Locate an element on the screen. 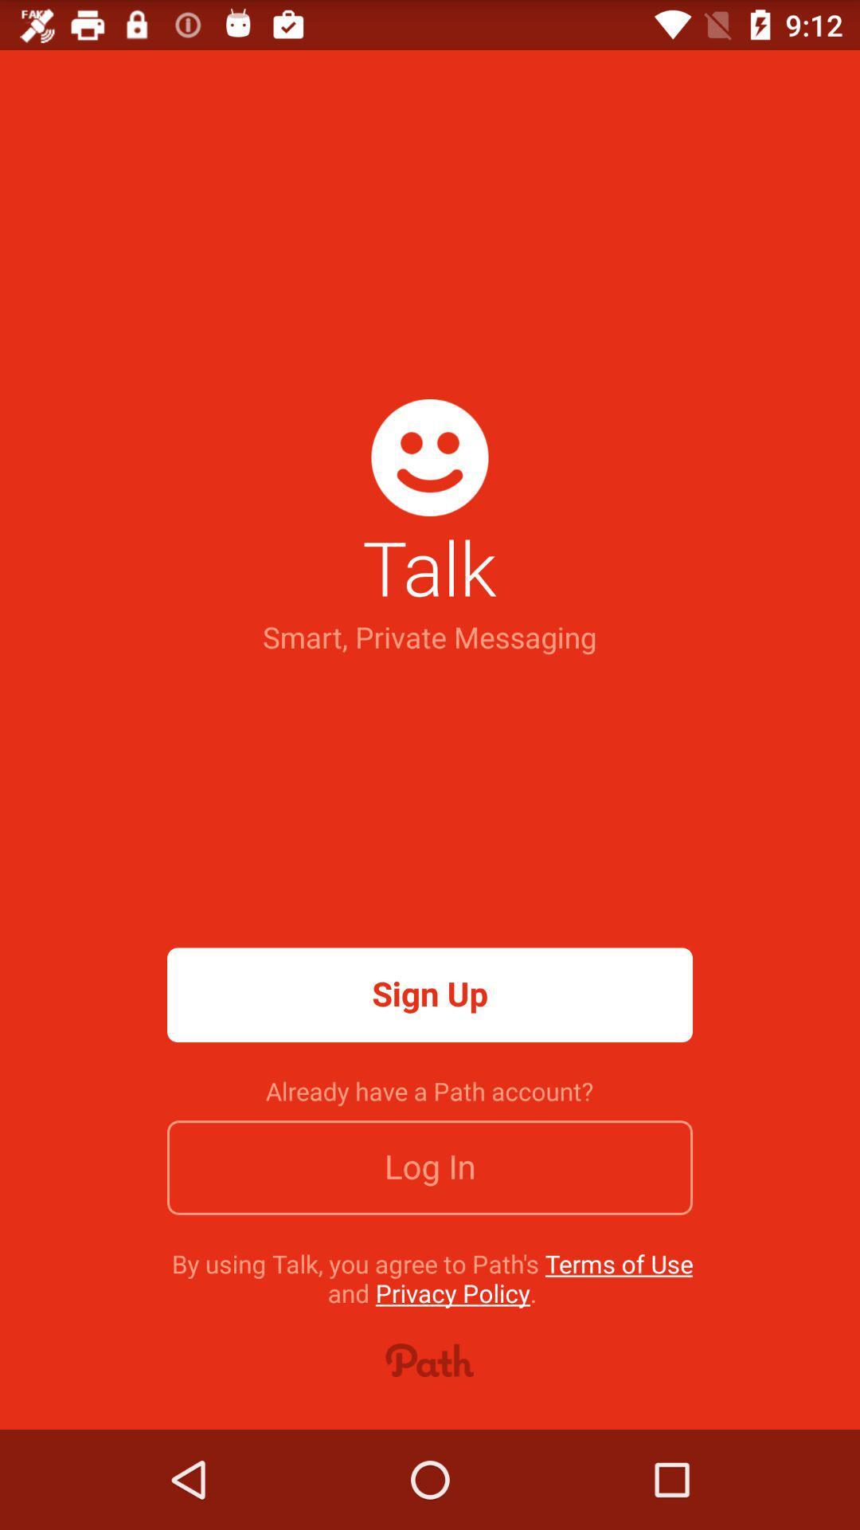  the by using talk app is located at coordinates (432, 1278).